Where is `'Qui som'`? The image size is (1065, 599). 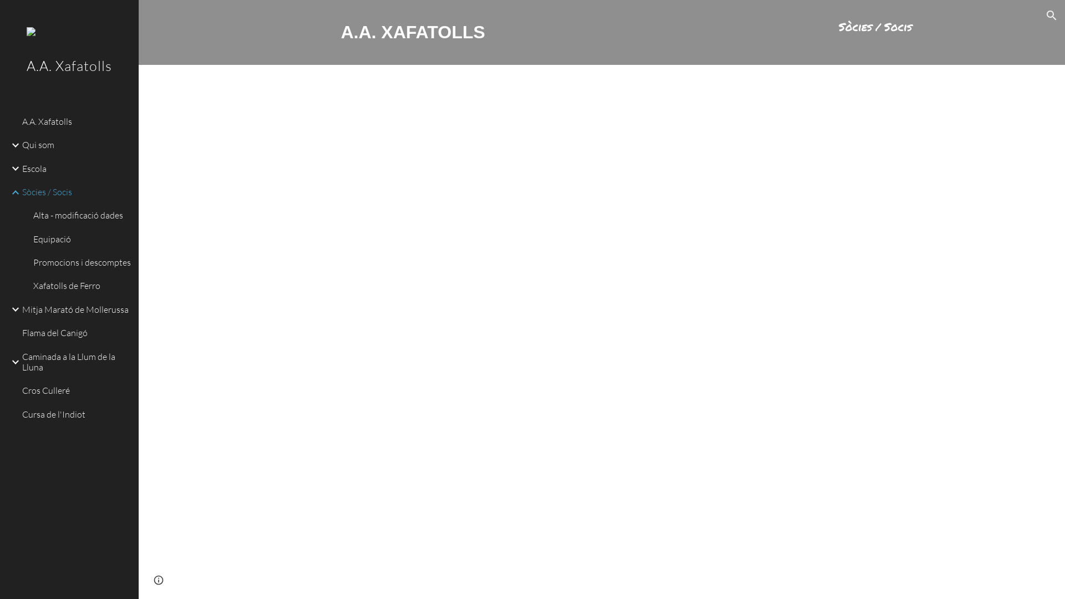
'Qui som' is located at coordinates (19, 145).